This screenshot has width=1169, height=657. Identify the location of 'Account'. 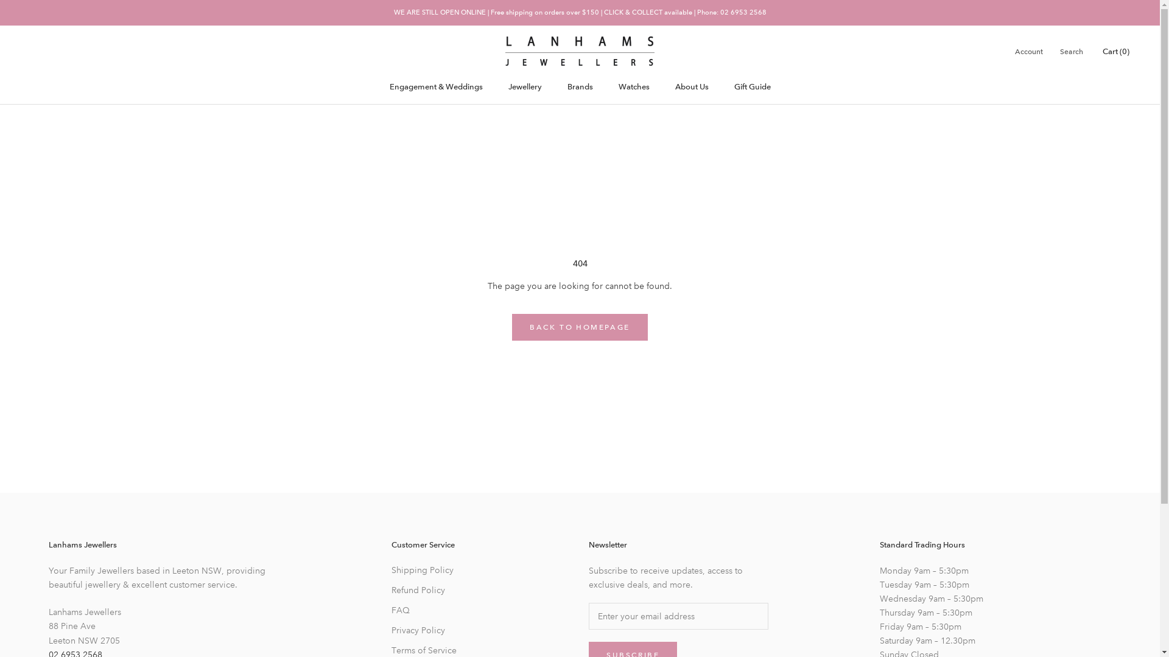
(1028, 51).